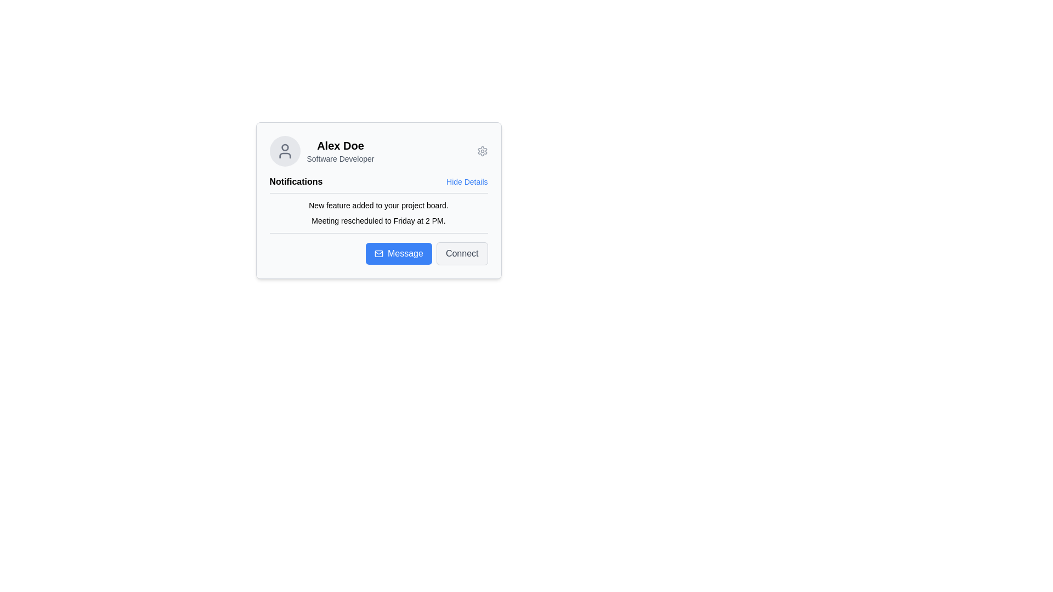 The height and width of the screenshot is (592, 1053). What do you see at coordinates (321, 151) in the screenshot?
I see `the Profile card header that displays the user's name and role, located at the top-left corner of the notification card, adjacent to a settings icon` at bounding box center [321, 151].